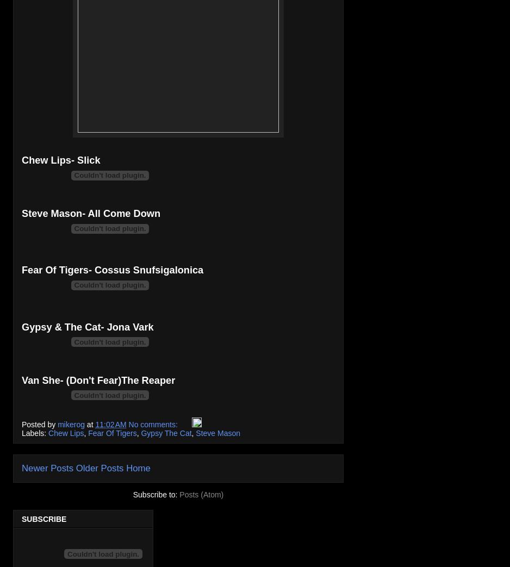 This screenshot has height=567, width=510. What do you see at coordinates (21, 423) in the screenshot?
I see `'Posted by'` at bounding box center [21, 423].